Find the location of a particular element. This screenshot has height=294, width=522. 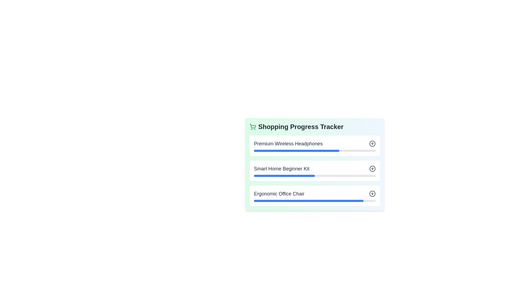

the circular plus icon button located to the right of the text 'Premium Wireless Headphones' is located at coordinates (372, 143).